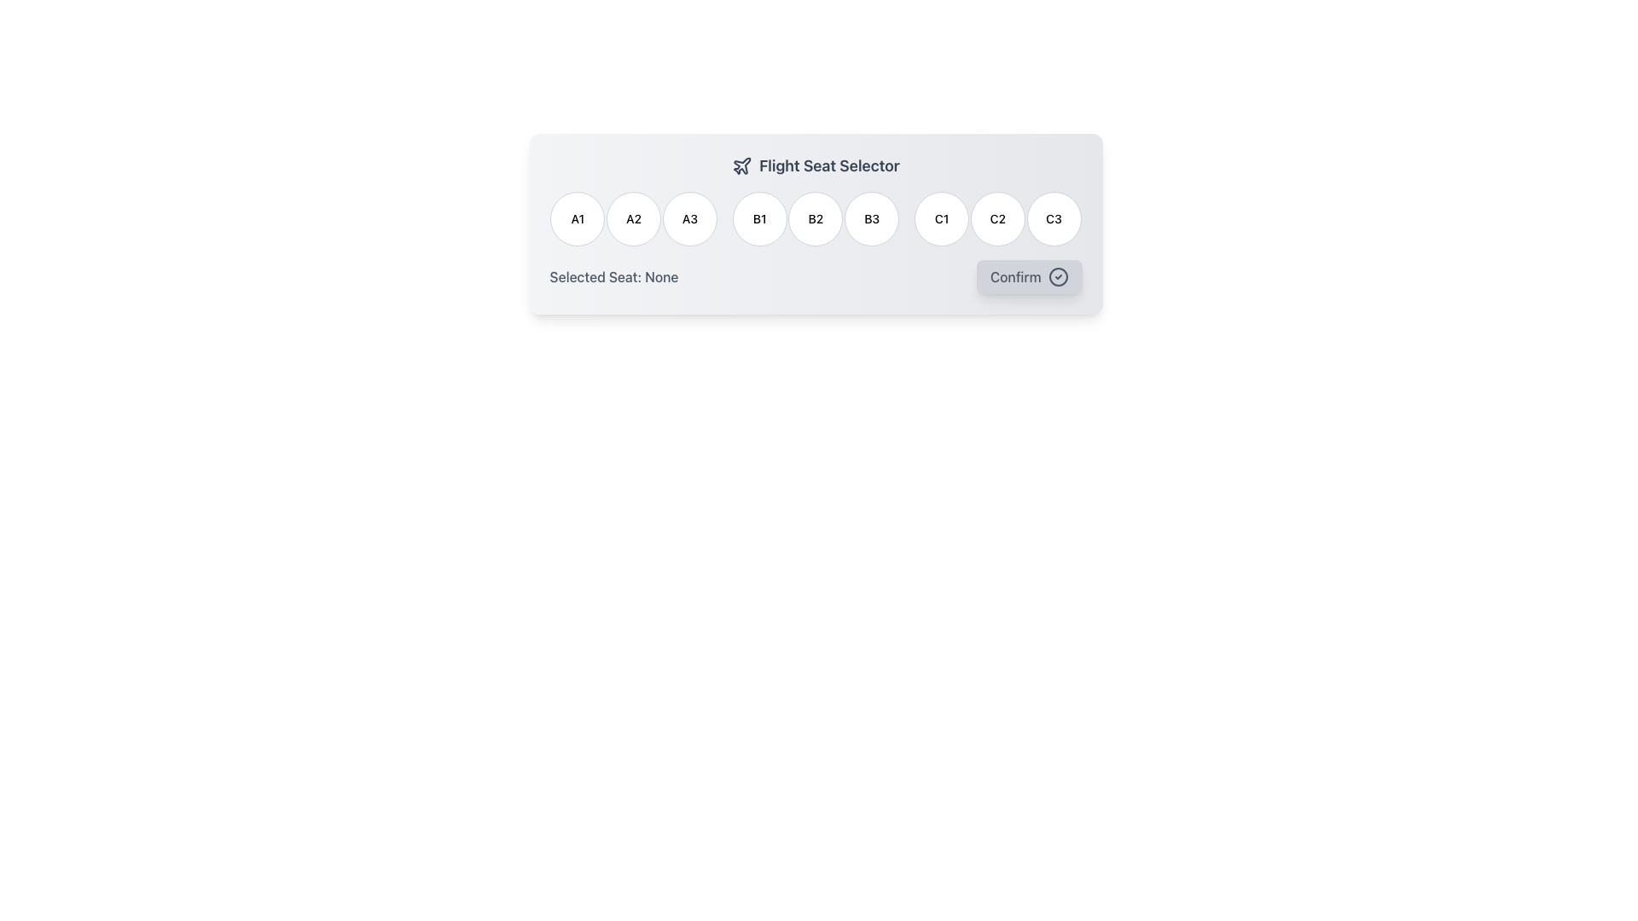 The height and width of the screenshot is (921, 1638). I want to click on the circular checkmark icon located immediately to the right of the 'Confirm' button label, which features a gray outline and a tick mark within, so click(1057, 275).